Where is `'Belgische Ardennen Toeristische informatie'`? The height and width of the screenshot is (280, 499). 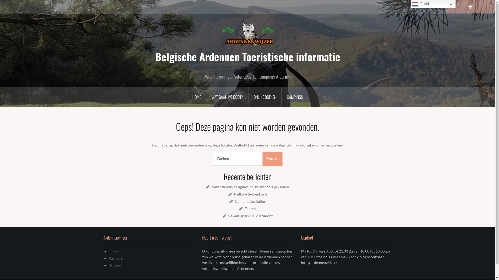
'Belgische Ardennen Toeristische informatie' is located at coordinates (247, 33).